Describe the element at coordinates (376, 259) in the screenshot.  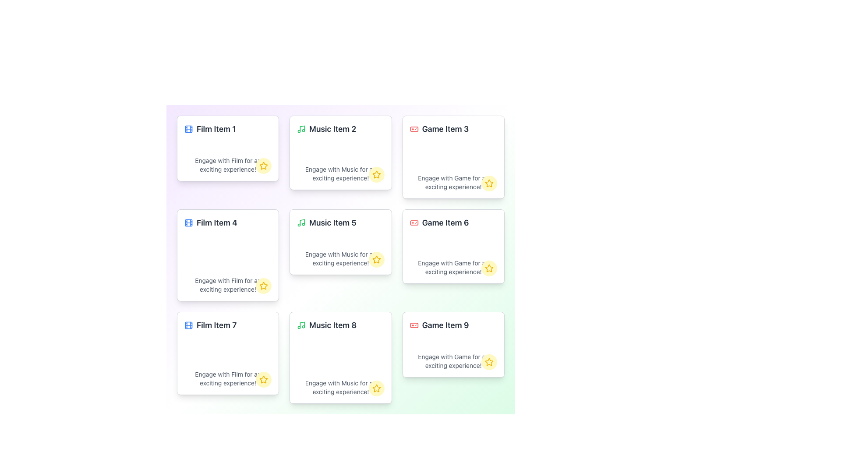
I see `the Icon button located in the bottom-right corner of the 'Music Item 5' card` at that location.